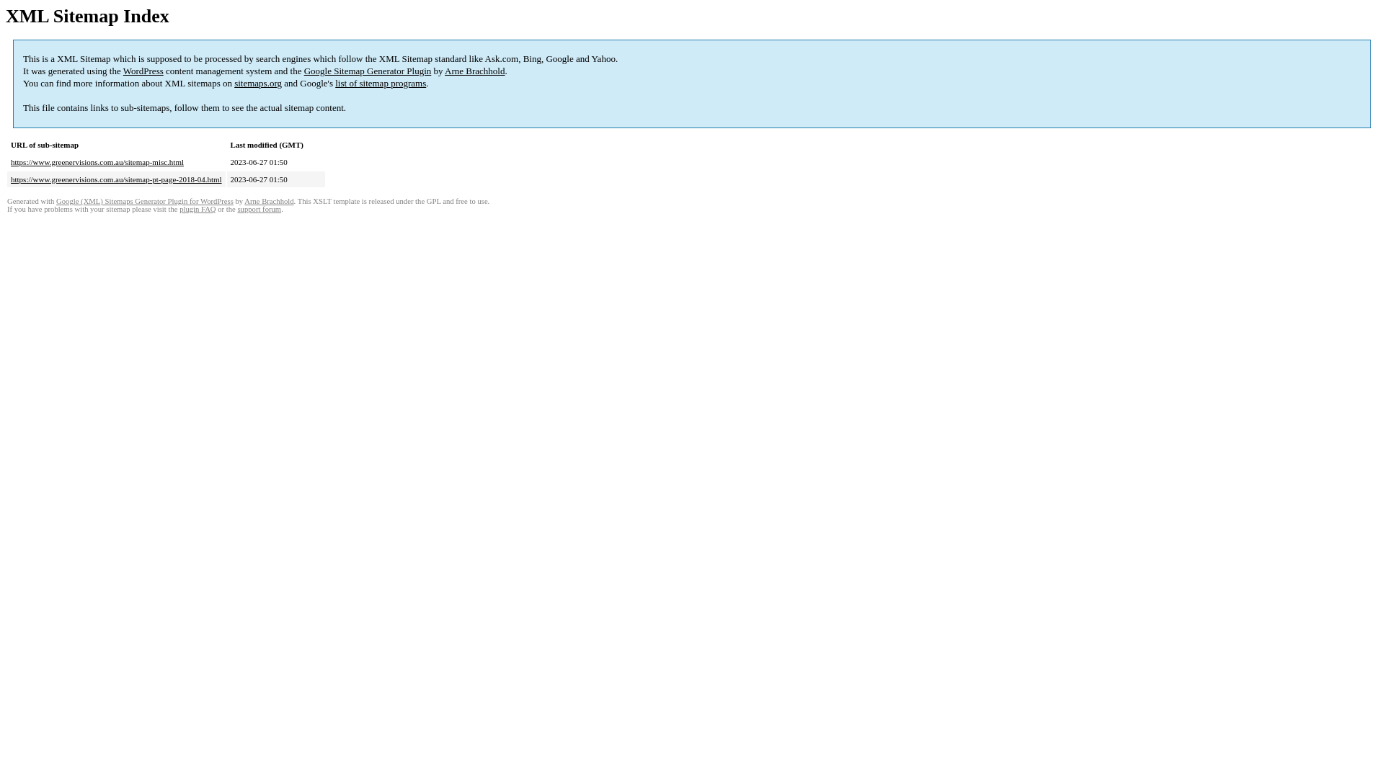 This screenshot has width=1384, height=778. Describe the element at coordinates (444, 71) in the screenshot. I see `'Arne Brachhold'` at that location.